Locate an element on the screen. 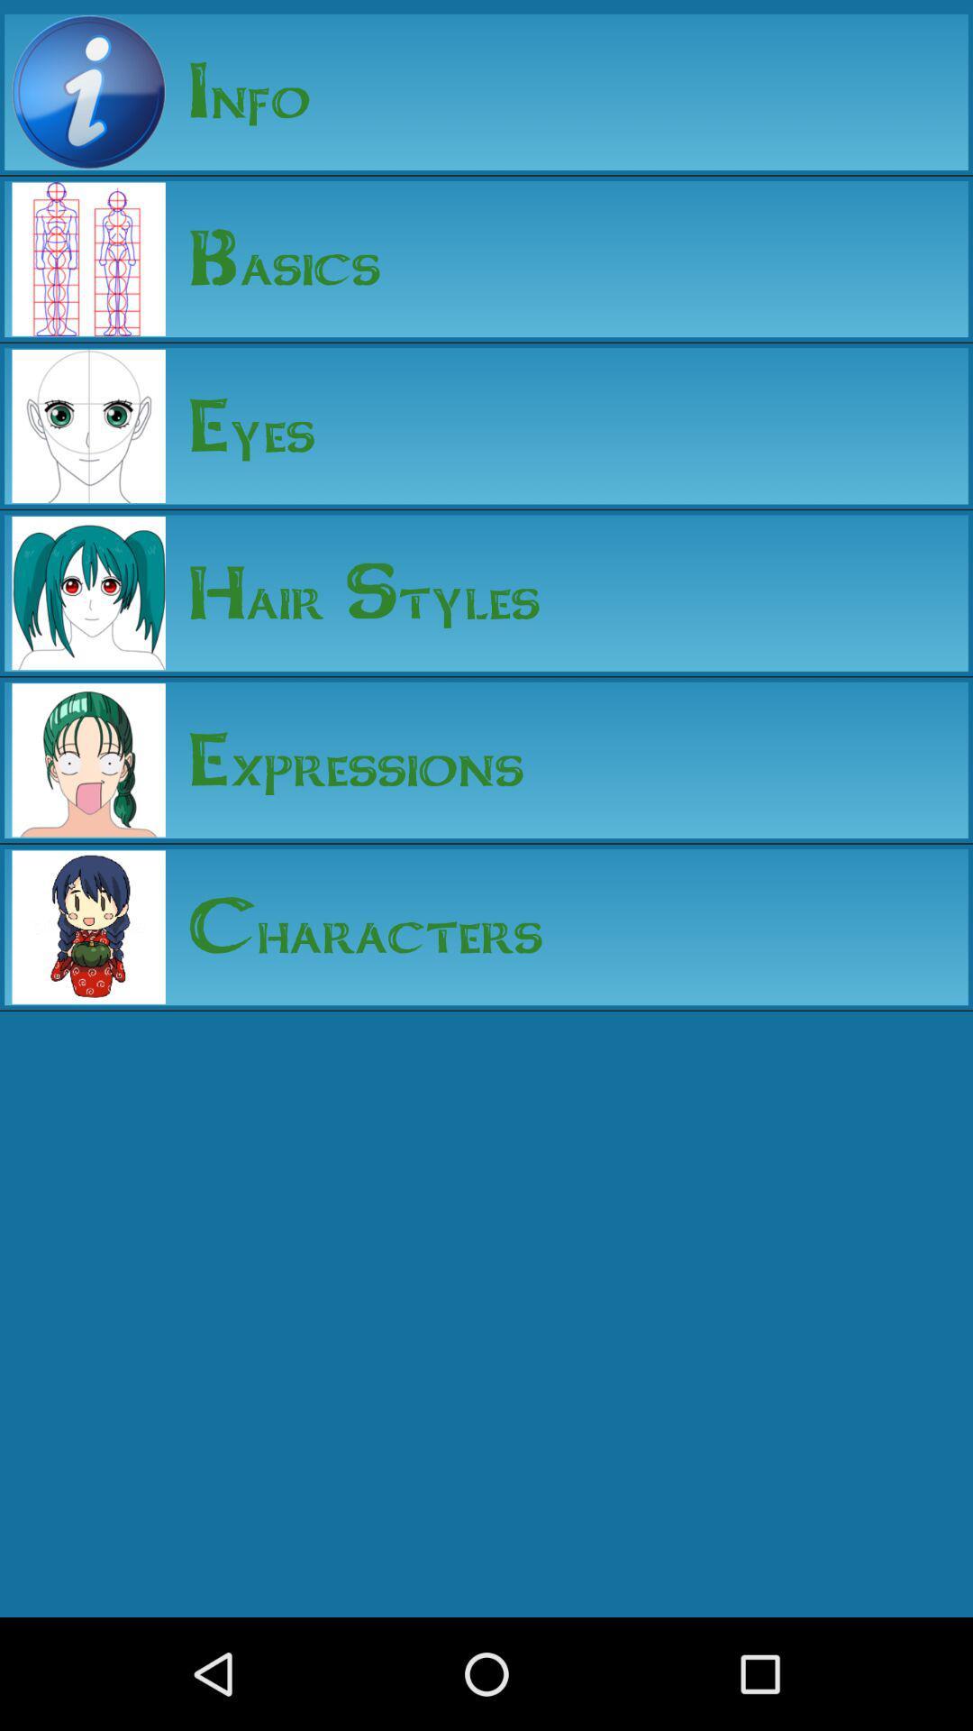 Image resolution: width=973 pixels, height=1731 pixels. the expressions icon is located at coordinates (344, 760).